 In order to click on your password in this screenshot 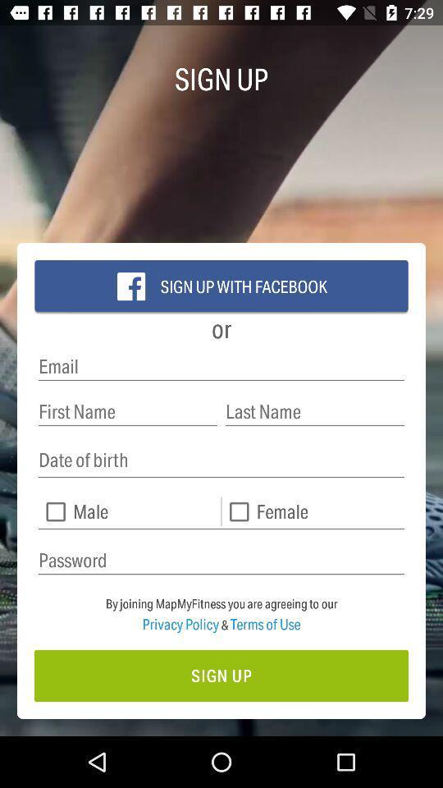, I will do `click(221, 561)`.